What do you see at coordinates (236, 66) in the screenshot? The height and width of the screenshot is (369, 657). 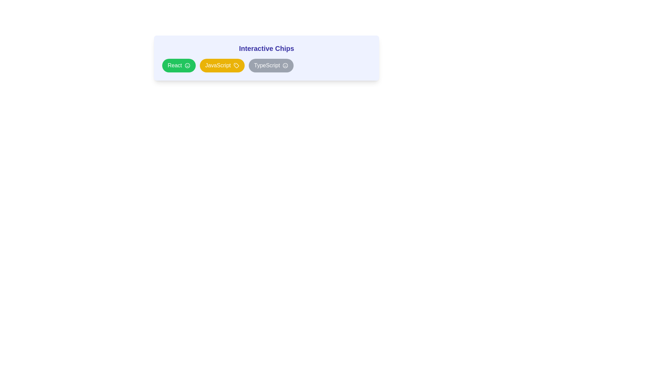 I see `the decorative SVG icon located to the right of the 'JavaScript' chip in the group of interactive chips` at bounding box center [236, 66].